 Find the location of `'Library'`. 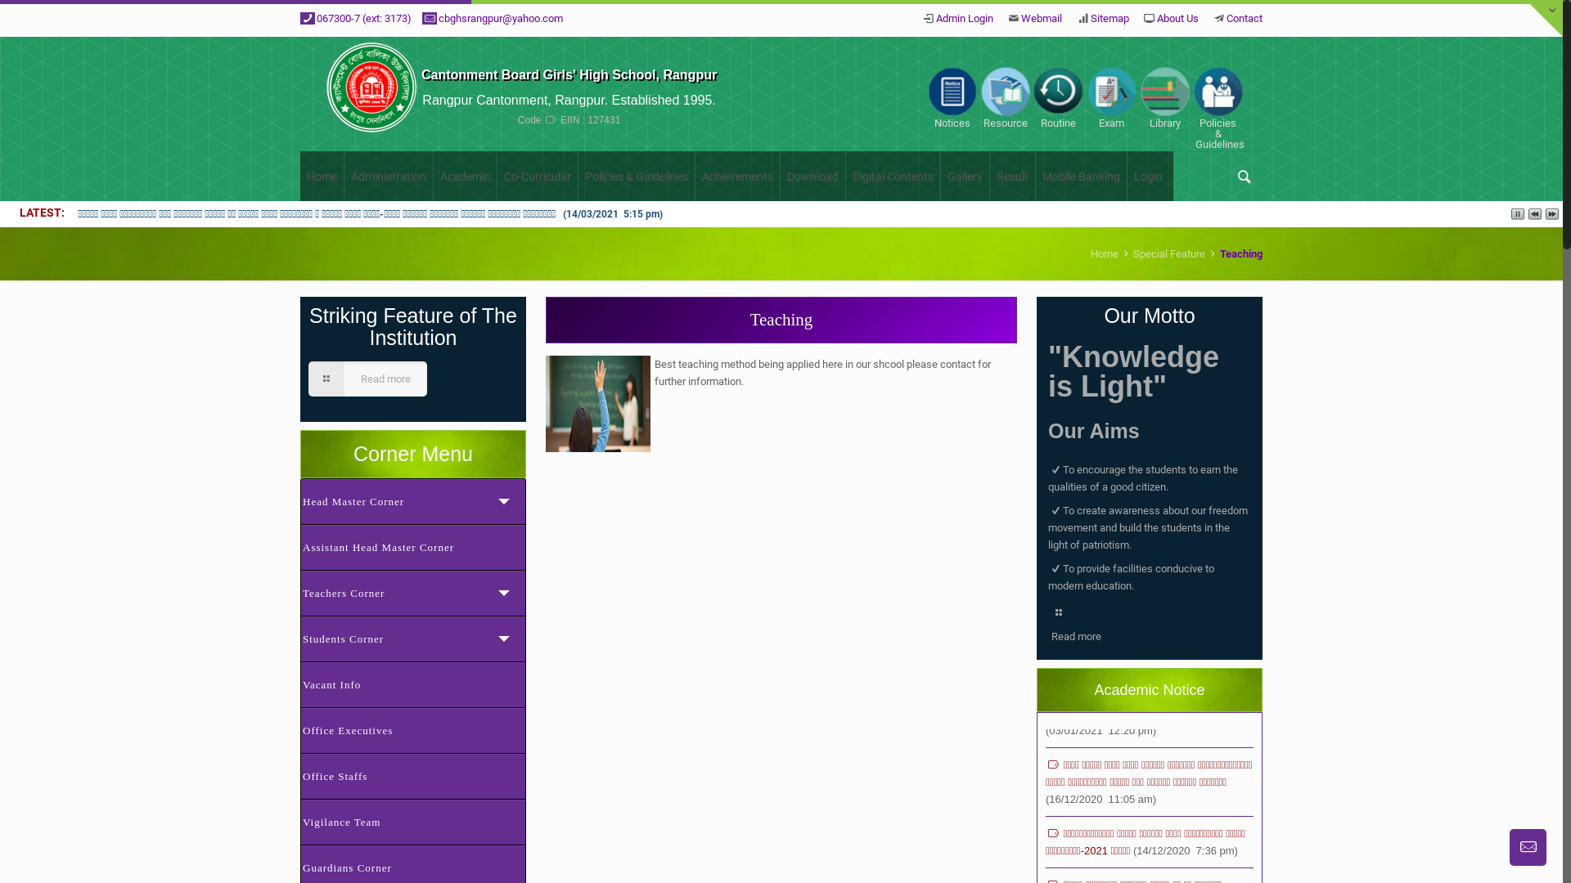

'Library' is located at coordinates (1164, 97).